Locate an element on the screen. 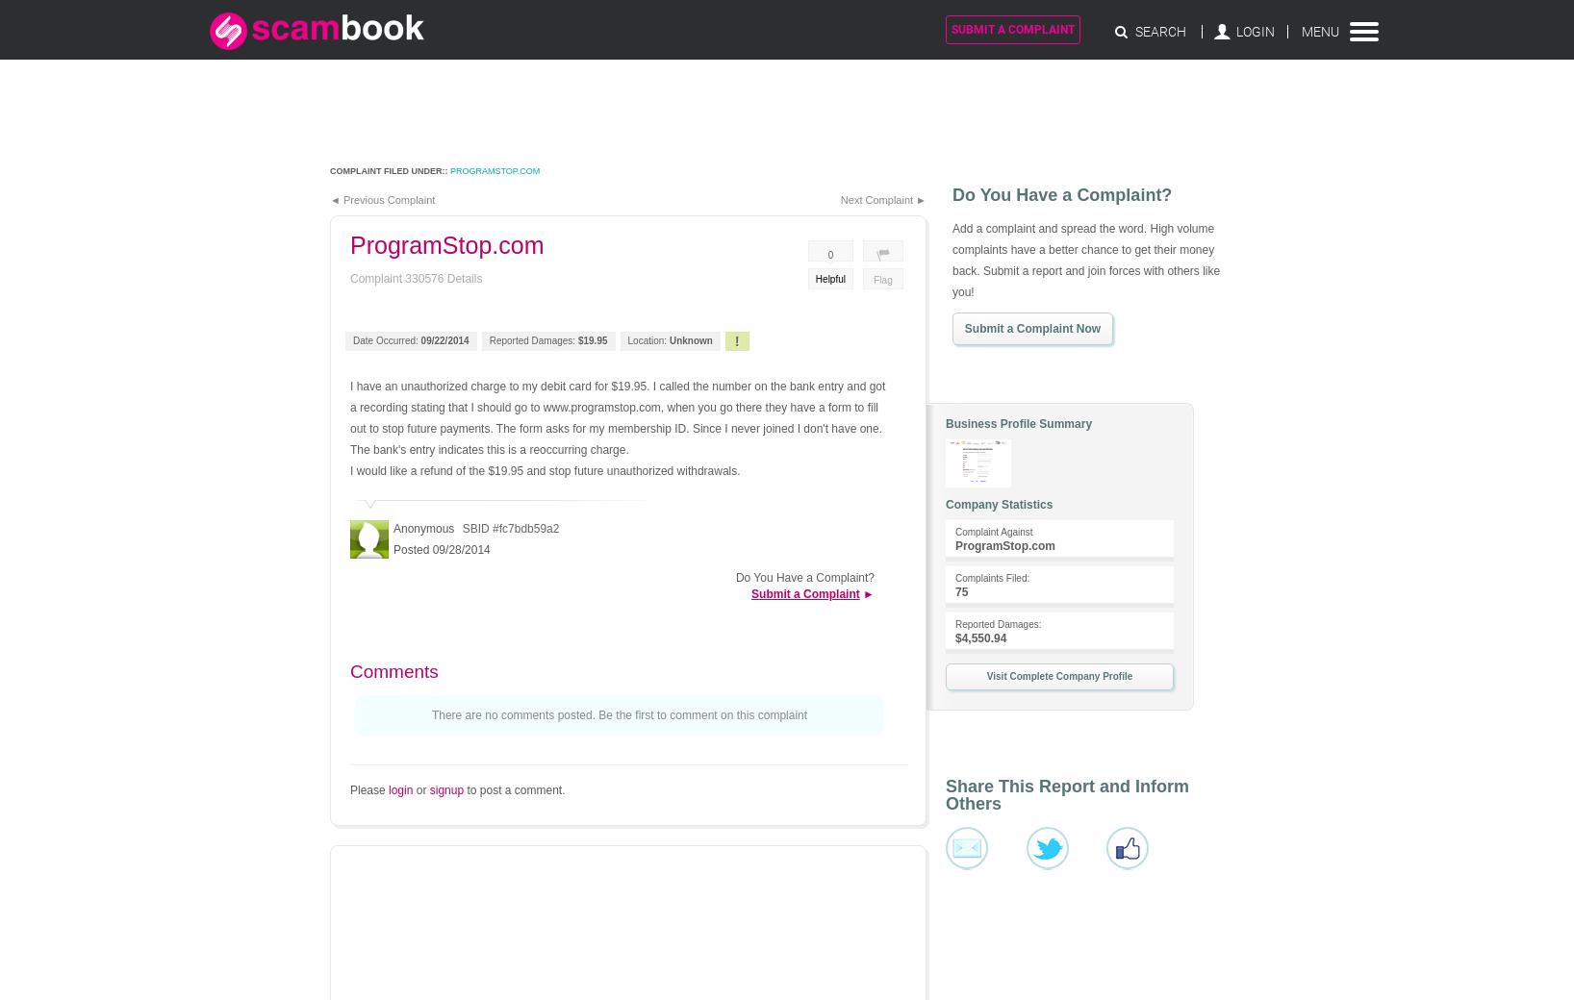  '$4,550.94' is located at coordinates (979, 638).